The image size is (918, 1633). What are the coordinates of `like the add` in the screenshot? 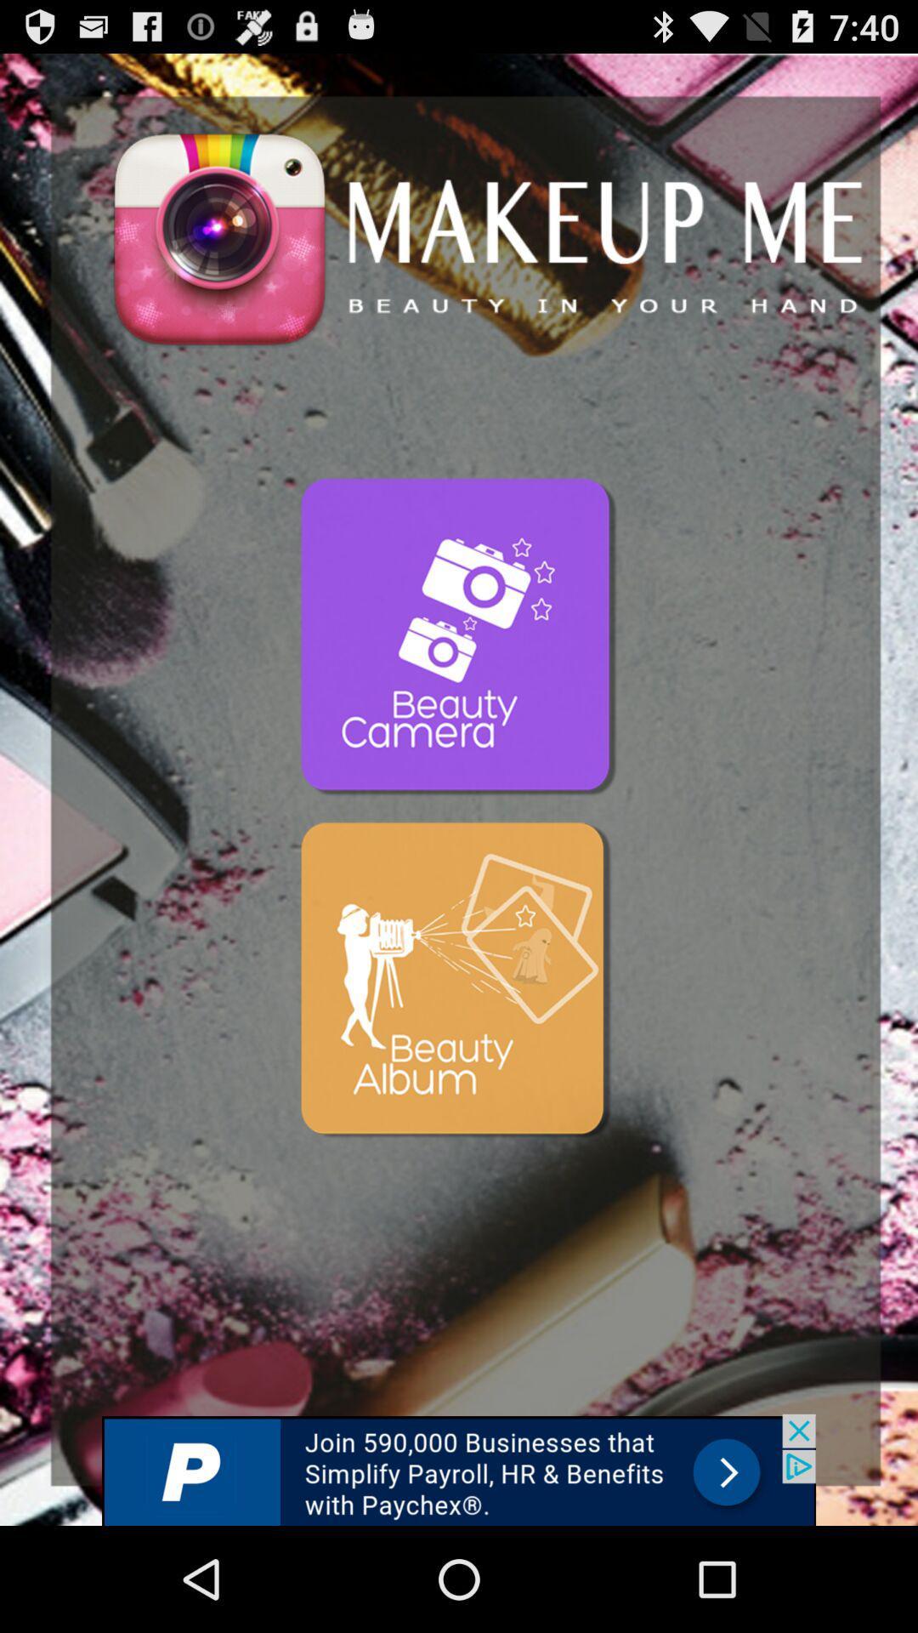 It's located at (459, 1469).